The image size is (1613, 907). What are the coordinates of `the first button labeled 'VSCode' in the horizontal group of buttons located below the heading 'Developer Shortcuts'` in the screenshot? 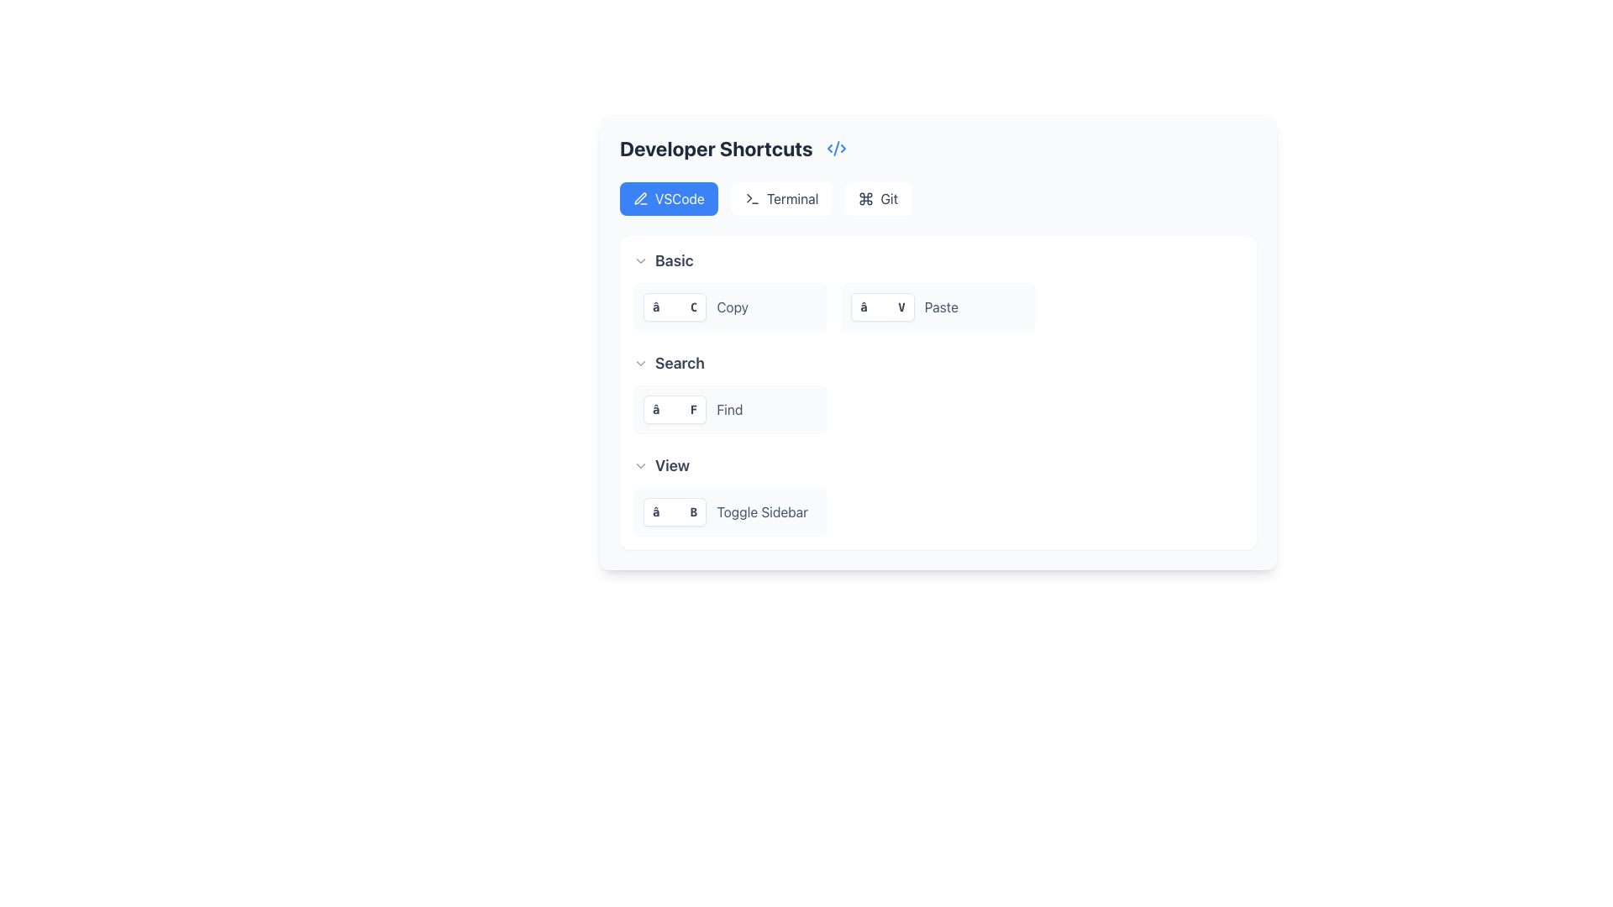 It's located at (668, 197).